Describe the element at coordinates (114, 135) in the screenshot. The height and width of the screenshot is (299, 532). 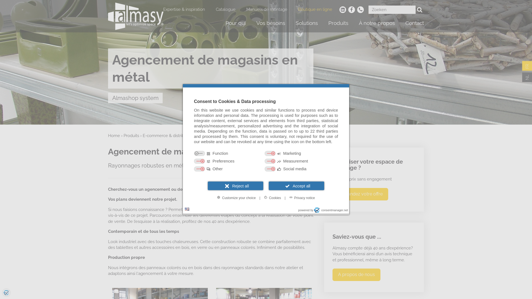
I see `'Home'` at that location.